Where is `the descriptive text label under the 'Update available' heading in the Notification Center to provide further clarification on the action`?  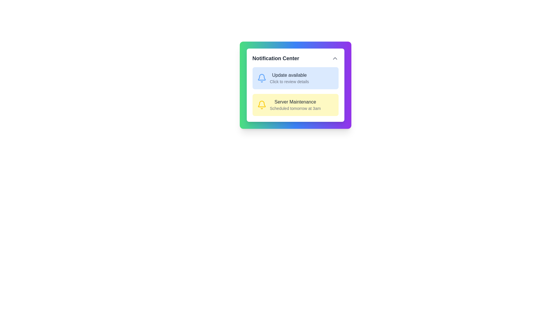
the descriptive text label under the 'Update available' heading in the Notification Center to provide further clarification on the action is located at coordinates (289, 82).